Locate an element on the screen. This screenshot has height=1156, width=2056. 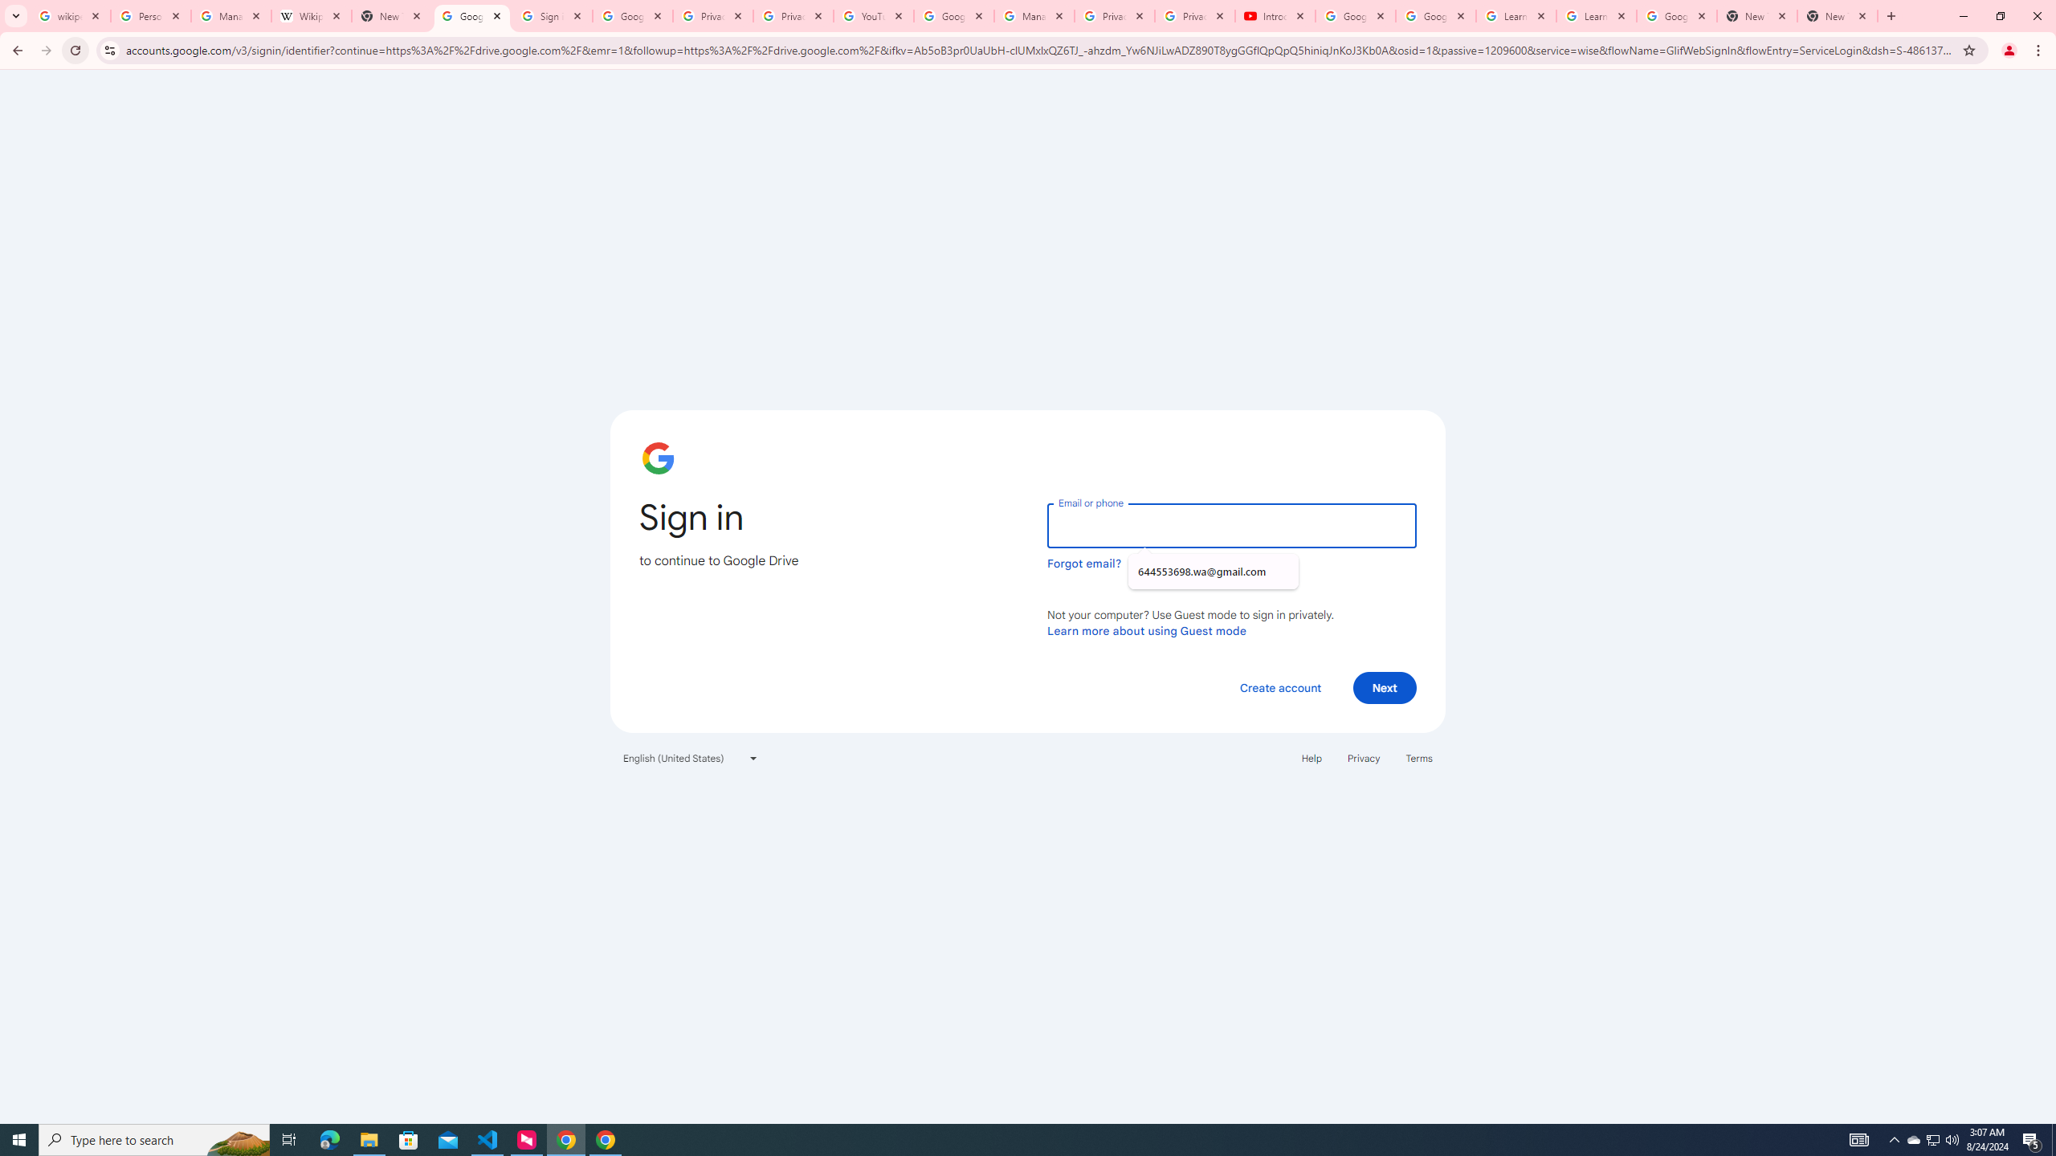
'Google Account' is located at coordinates (1676, 15).